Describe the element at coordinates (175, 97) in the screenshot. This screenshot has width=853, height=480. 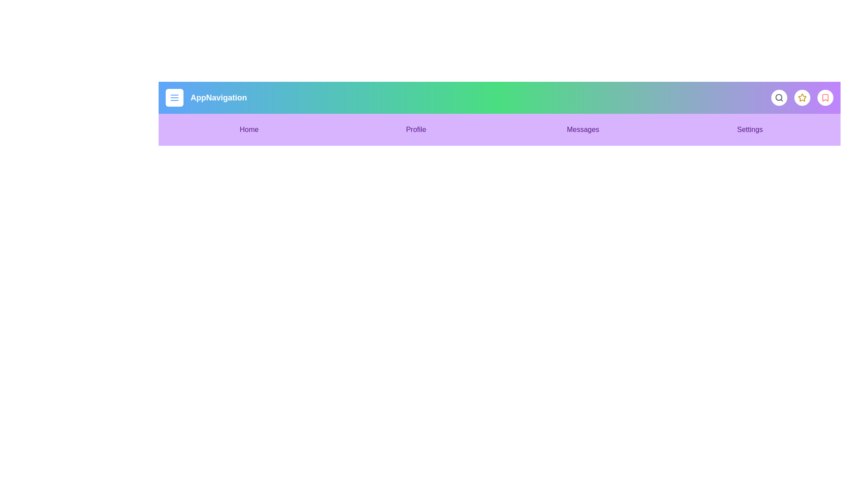
I see `the menu button to toggle the menu visibility` at that location.